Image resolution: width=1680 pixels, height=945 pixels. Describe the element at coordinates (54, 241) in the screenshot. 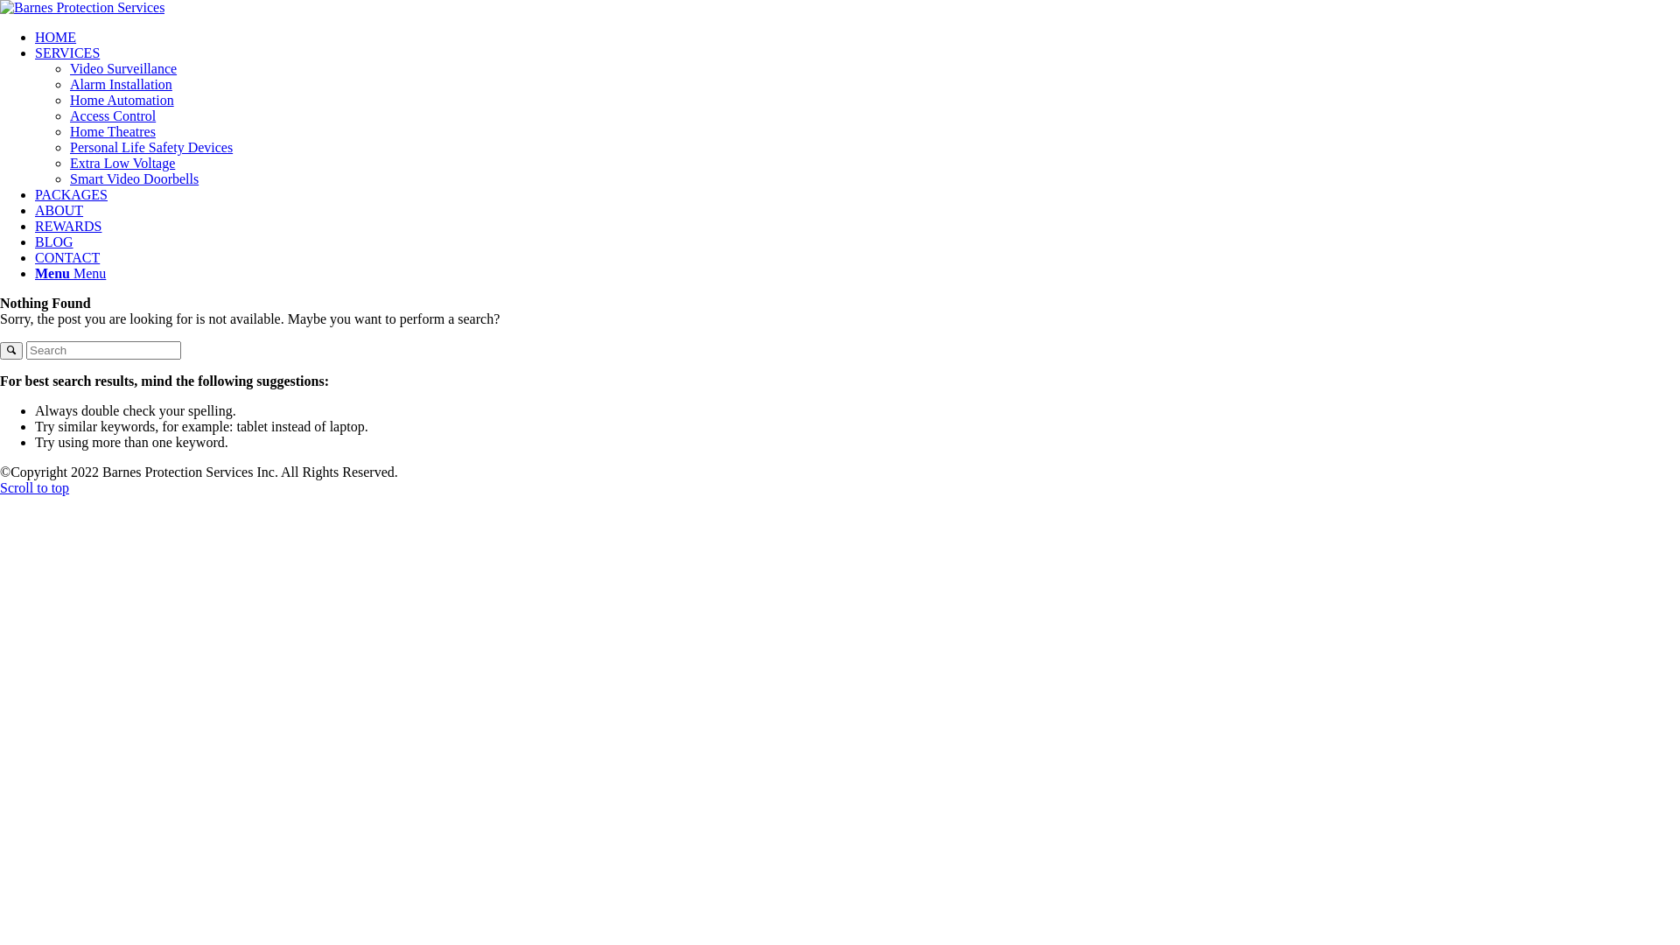

I see `'BLOG'` at that location.